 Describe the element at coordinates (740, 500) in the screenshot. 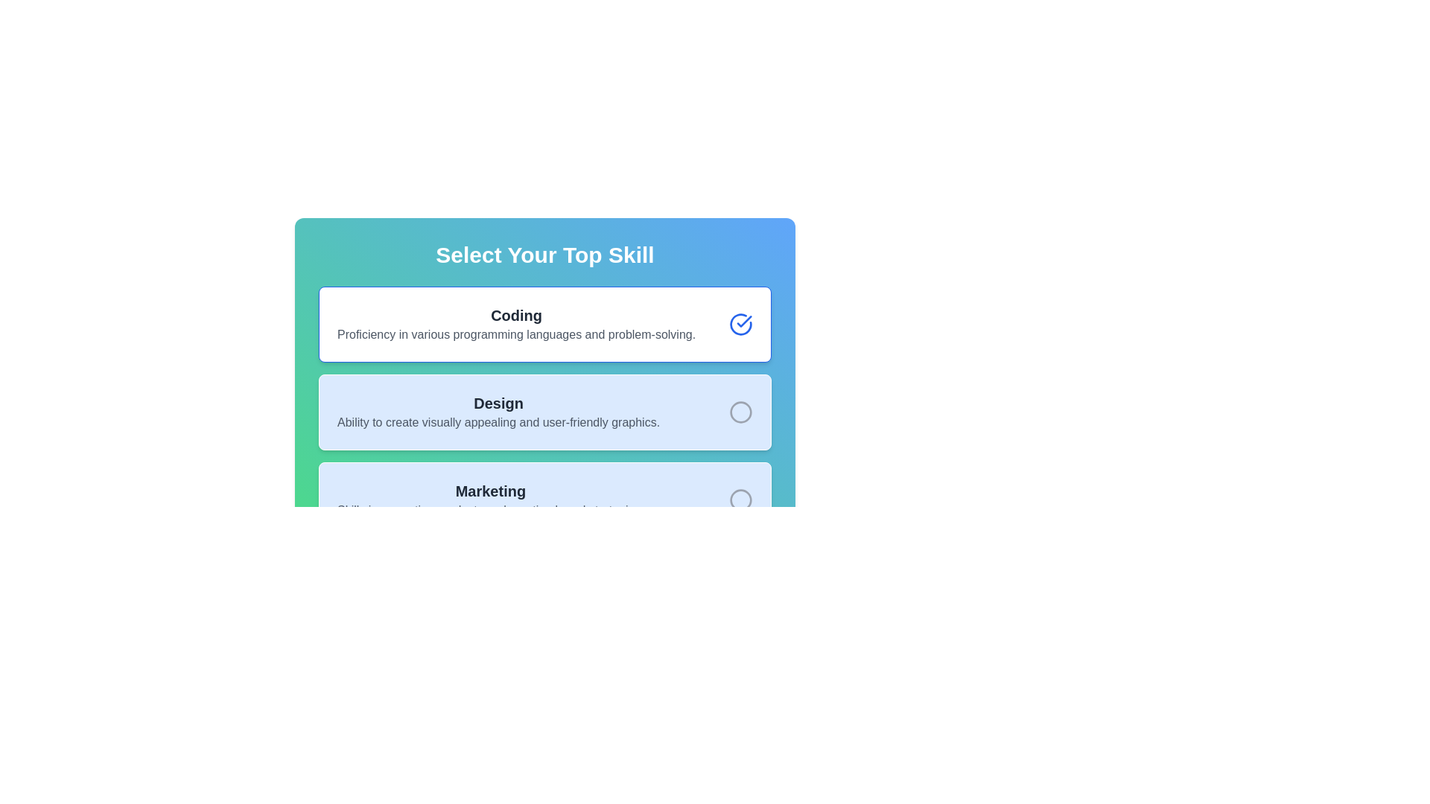

I see `the Circle icon located in the bottom-right corner of the 'Marketing' box in the skill selection interface` at that location.